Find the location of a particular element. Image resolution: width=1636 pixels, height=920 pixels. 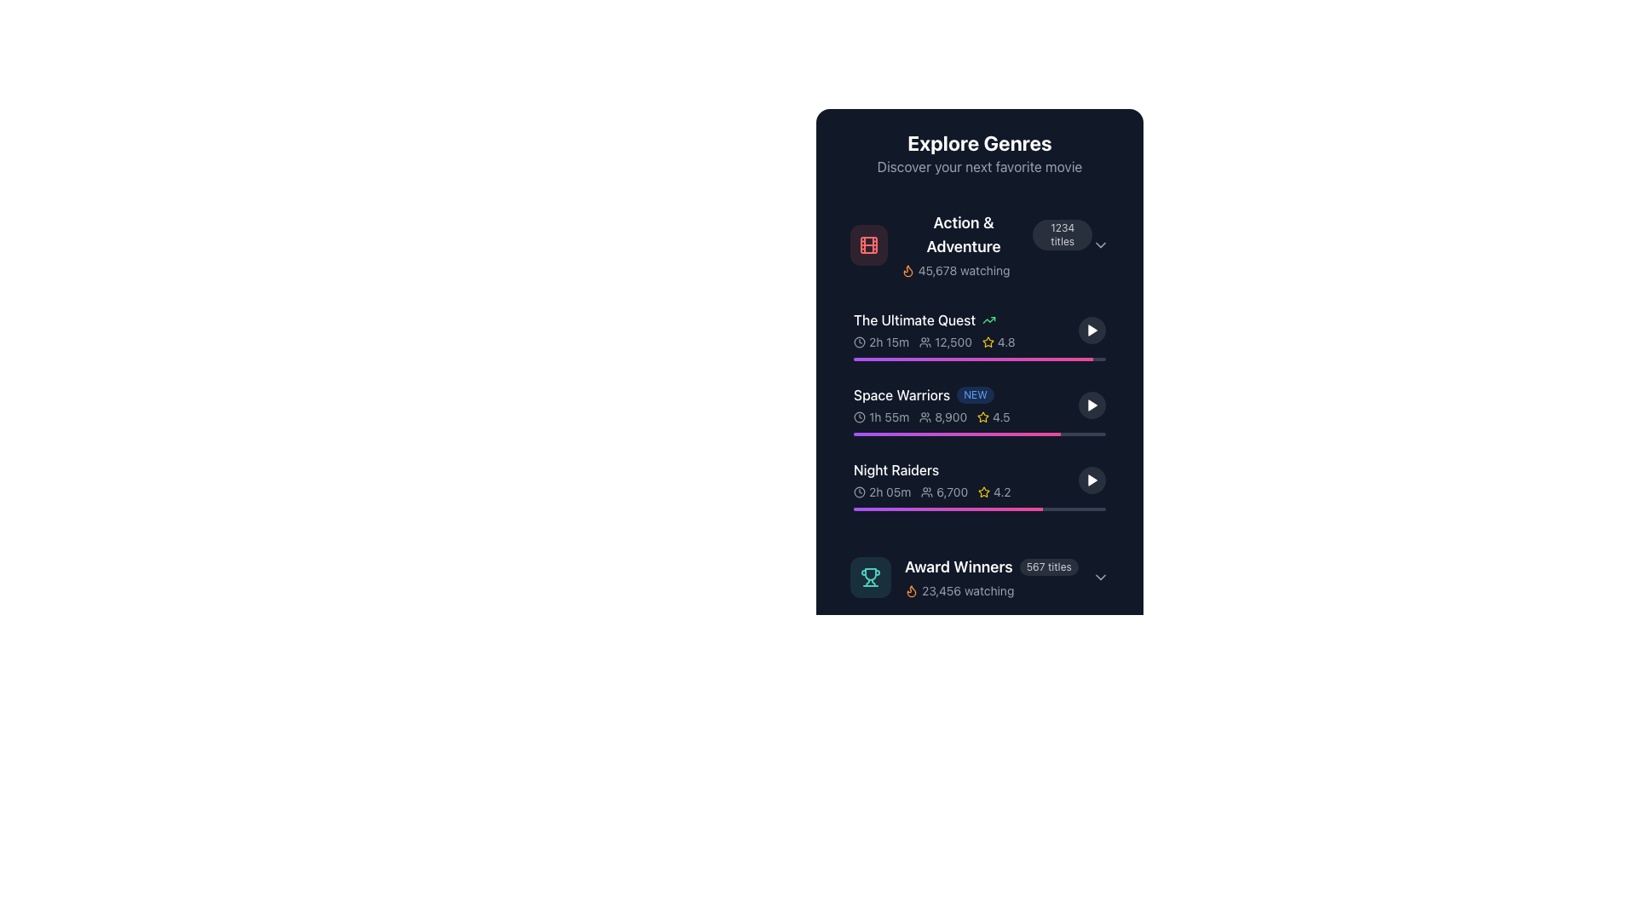

the Text Label displaying the number of watching viewers for 'The Ultimate Quest', located between the duration text and the star rating is located at coordinates (944, 342).